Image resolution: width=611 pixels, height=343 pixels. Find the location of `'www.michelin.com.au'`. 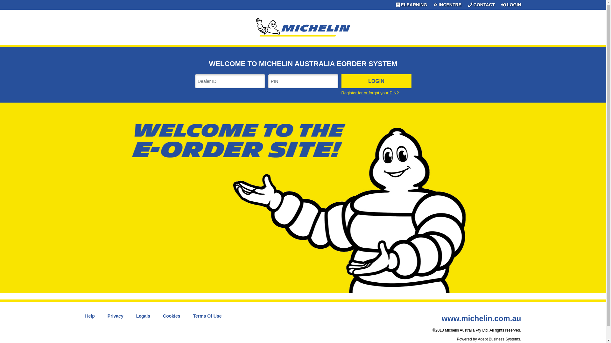

'www.michelin.com.au' is located at coordinates (481, 318).